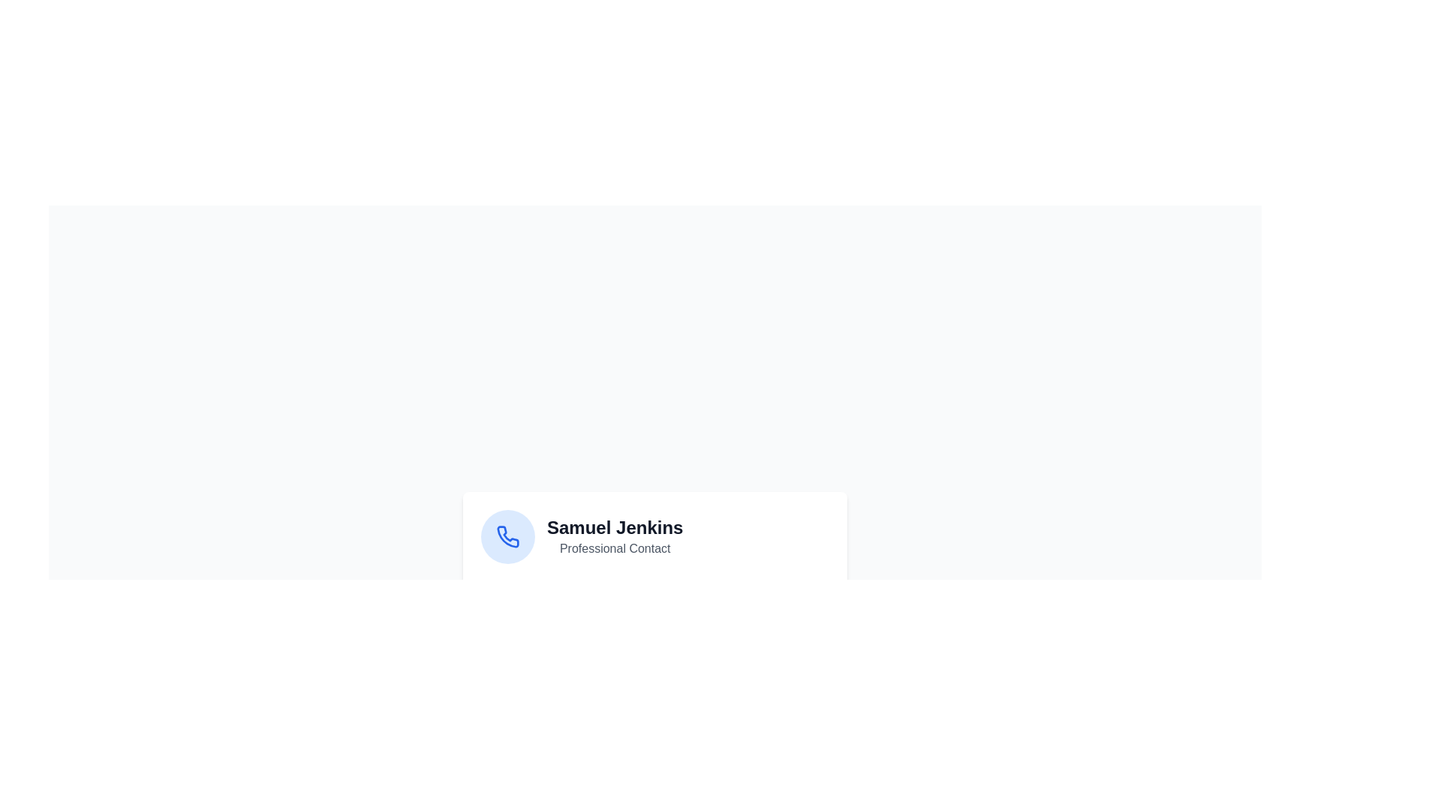  What do you see at coordinates (615, 549) in the screenshot?
I see `the subtitle text located directly underneath 'Samuel Jenkins' within the white card-like section` at bounding box center [615, 549].